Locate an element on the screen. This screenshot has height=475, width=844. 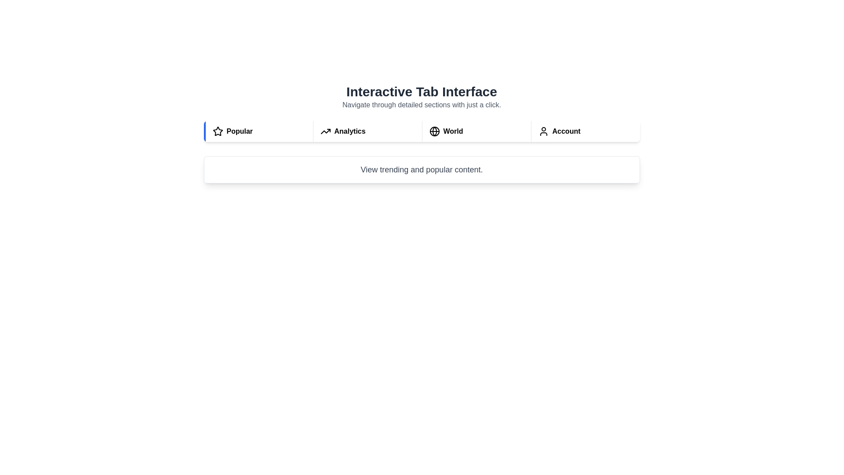
the description of the currently selected tab is located at coordinates (421, 169).